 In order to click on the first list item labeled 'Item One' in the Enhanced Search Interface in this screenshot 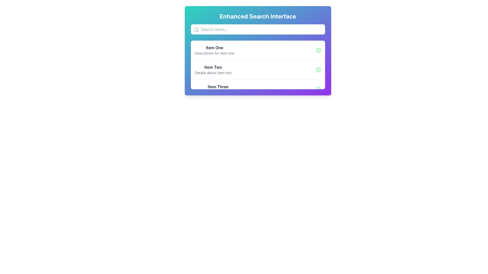, I will do `click(215, 50)`.